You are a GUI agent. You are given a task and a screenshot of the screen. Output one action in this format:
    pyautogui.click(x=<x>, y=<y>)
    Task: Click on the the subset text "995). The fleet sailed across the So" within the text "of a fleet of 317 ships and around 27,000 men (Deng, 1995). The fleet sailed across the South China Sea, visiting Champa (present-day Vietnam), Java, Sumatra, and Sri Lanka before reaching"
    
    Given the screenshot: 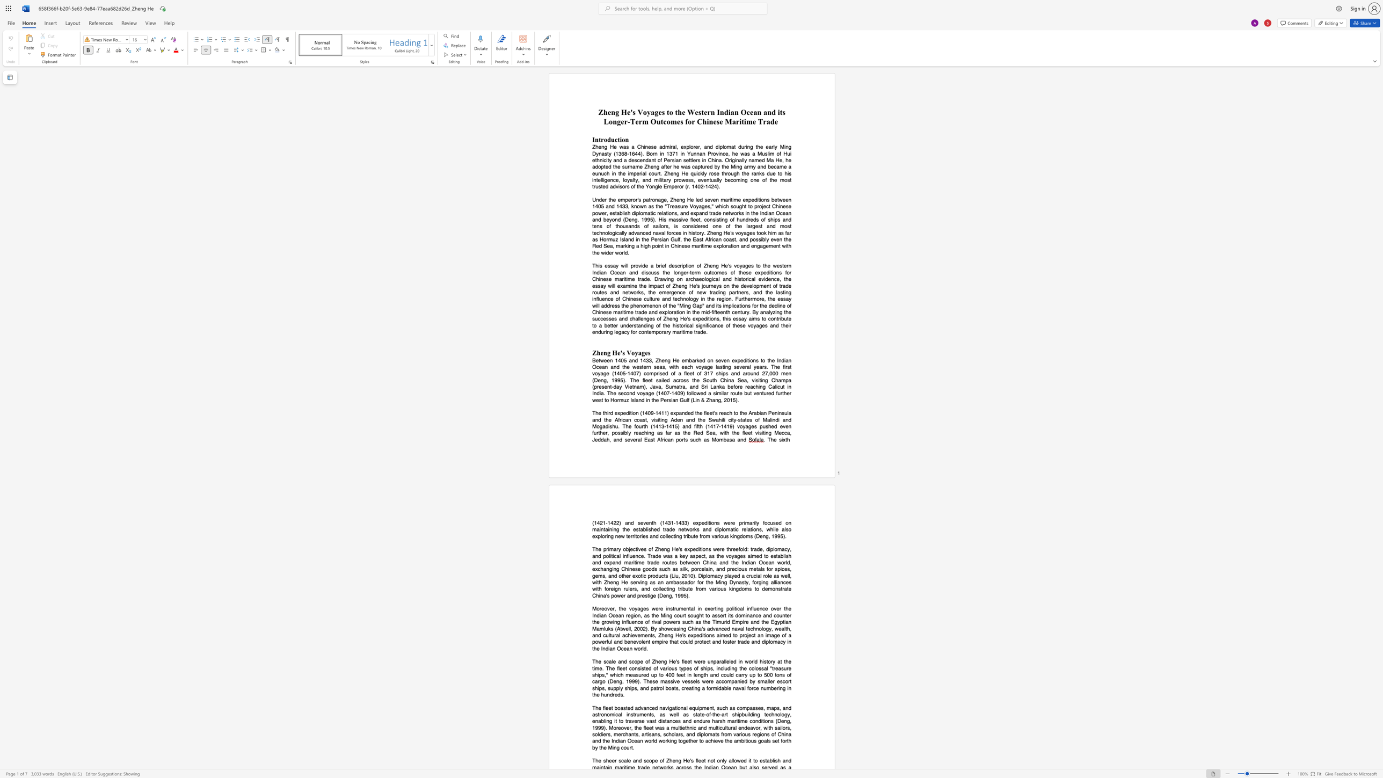 What is the action you would take?
    pyautogui.click(x=614, y=380)
    